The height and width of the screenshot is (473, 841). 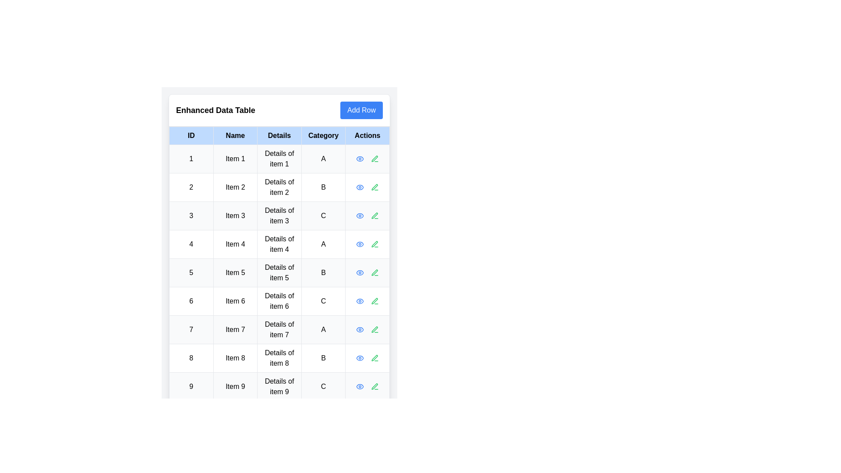 What do you see at coordinates (375, 300) in the screenshot?
I see `the 'edit' button located in the 'Actions' column of the row labeled '6' in the table` at bounding box center [375, 300].